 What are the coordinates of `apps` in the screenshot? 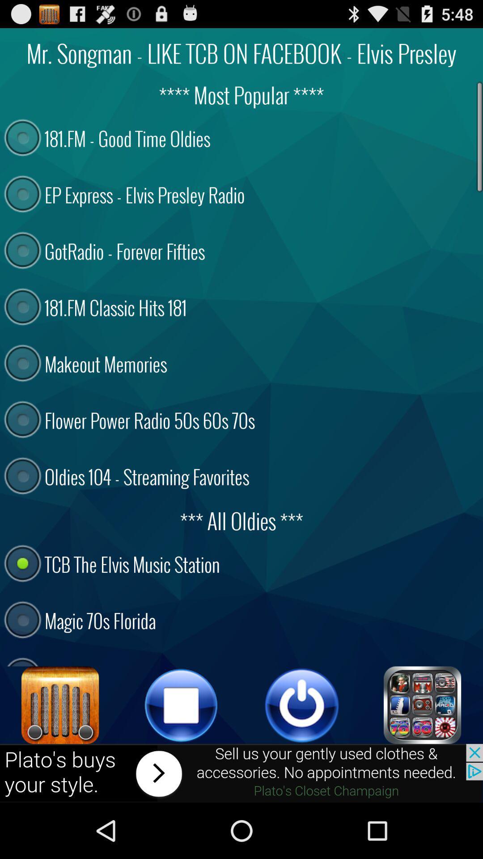 It's located at (423, 705).